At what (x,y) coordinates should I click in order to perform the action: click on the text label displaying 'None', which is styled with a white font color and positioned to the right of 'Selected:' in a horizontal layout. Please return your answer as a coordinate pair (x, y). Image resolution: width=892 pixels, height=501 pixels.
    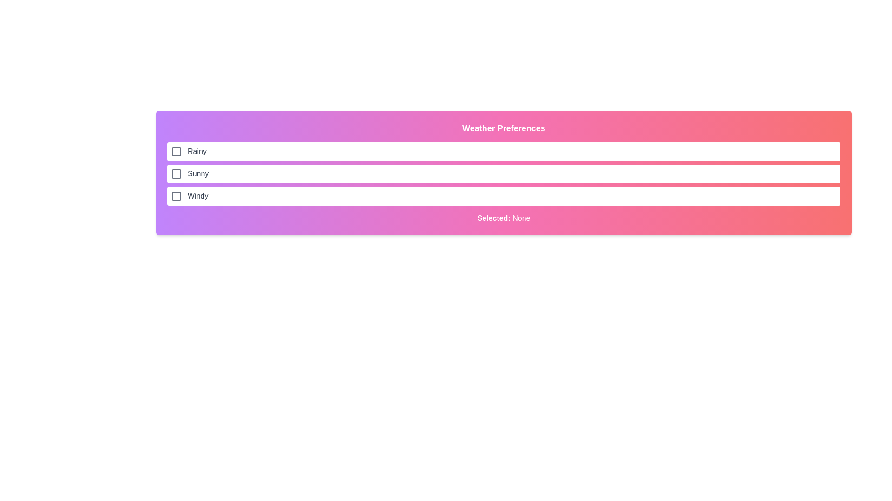
    Looking at the image, I should click on (521, 218).